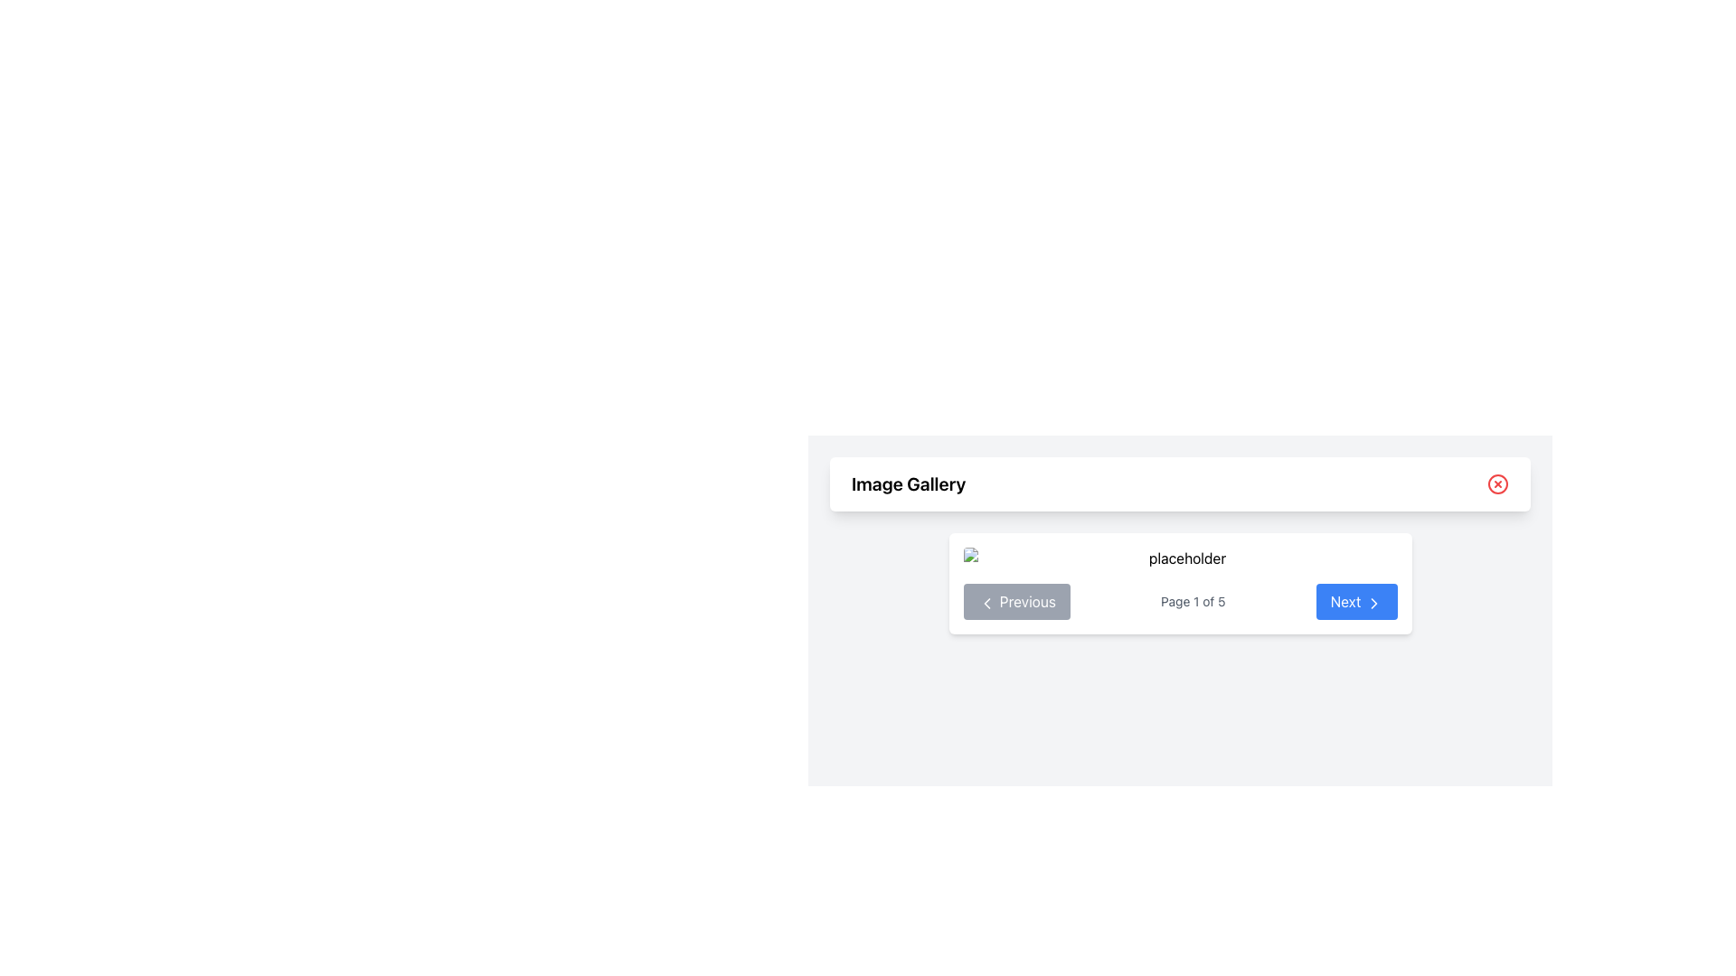  What do you see at coordinates (986, 603) in the screenshot?
I see `the 'Previous' button that contains the icon for moving to the previous item or page` at bounding box center [986, 603].